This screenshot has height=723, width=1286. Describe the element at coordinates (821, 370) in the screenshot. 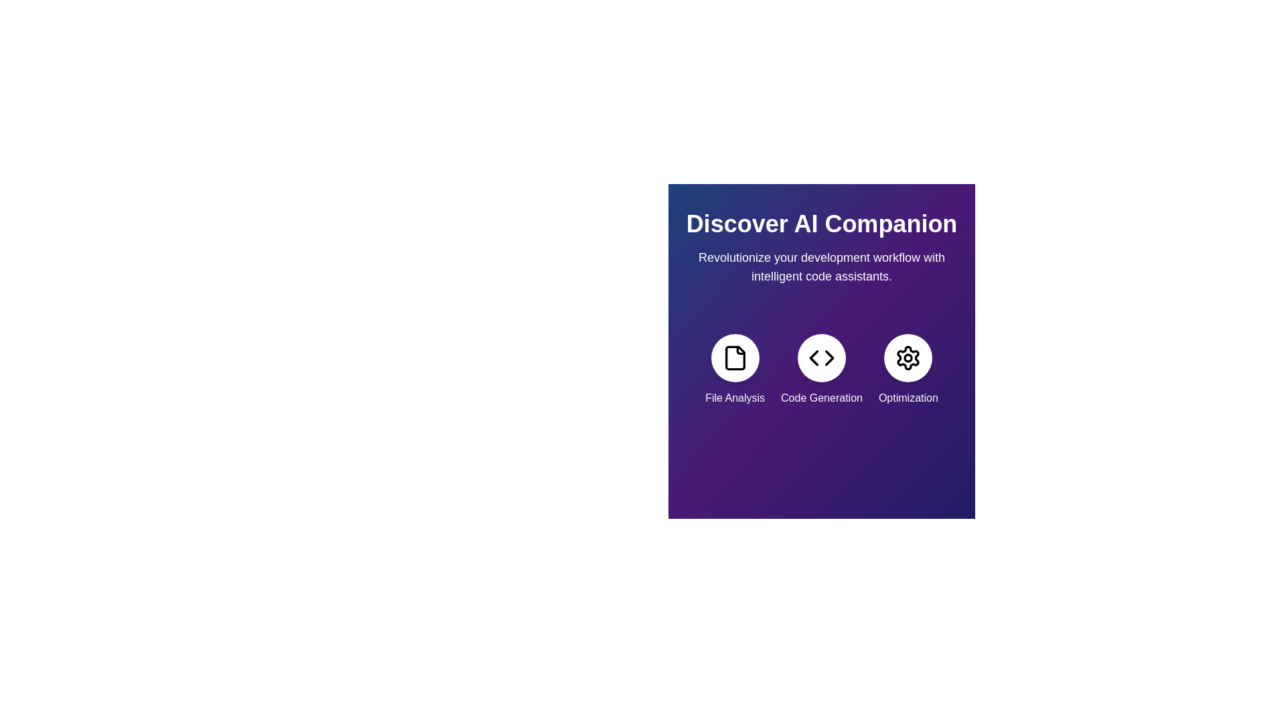

I see `the interactive button labeled 'Code Generation', which features an icon of angle brackets on a circular background` at that location.